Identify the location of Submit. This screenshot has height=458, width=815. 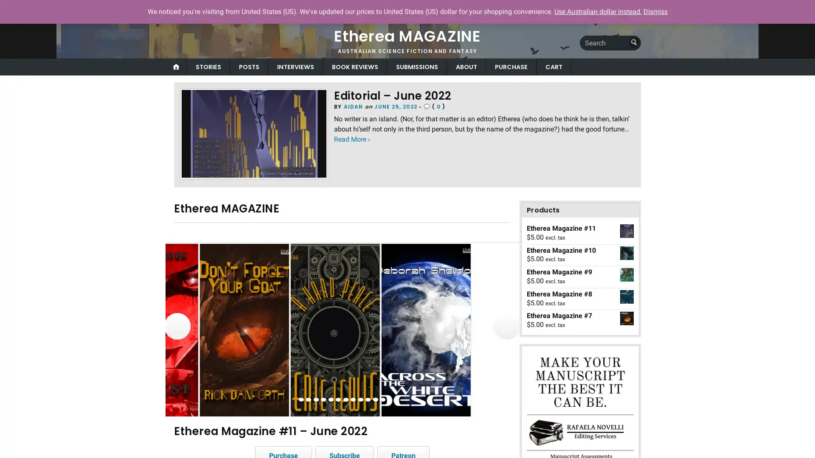
(634, 42).